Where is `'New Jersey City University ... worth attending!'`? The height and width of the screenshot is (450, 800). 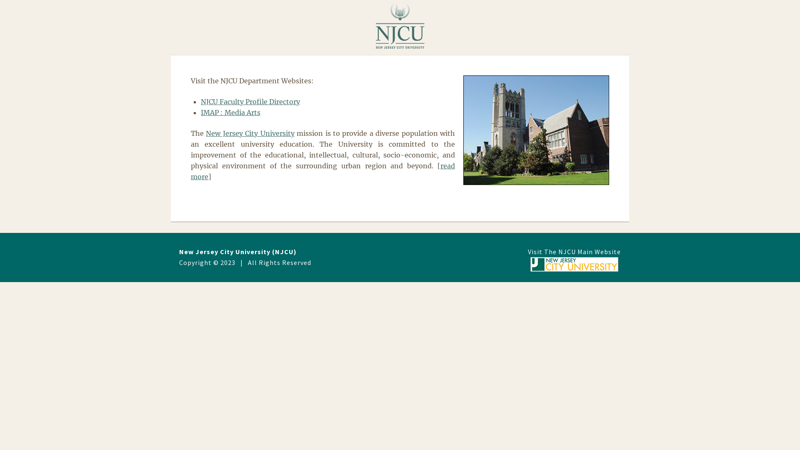
'New Jersey City University ... worth attending!' is located at coordinates (400, 25).